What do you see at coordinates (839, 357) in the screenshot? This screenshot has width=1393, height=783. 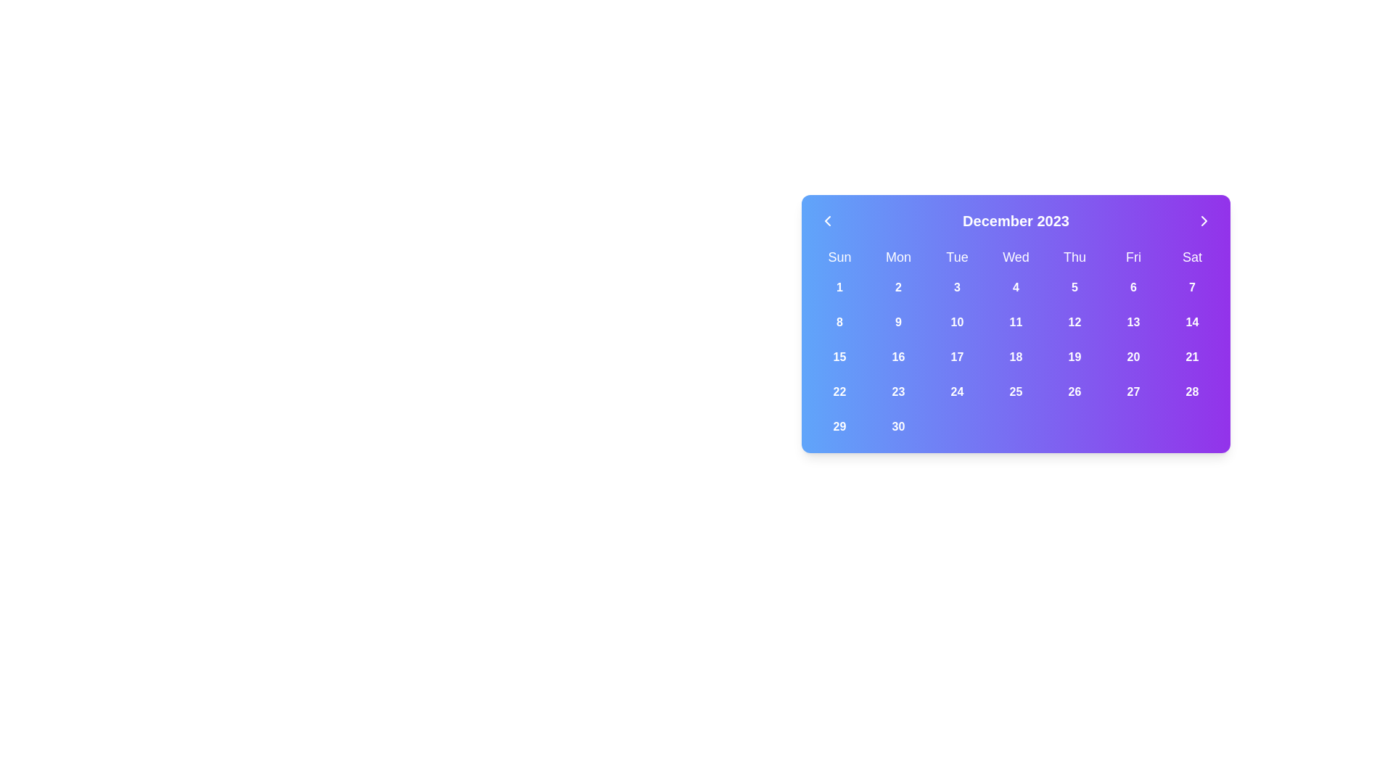 I see `the button representing the 15th day of December 2023 in the calendar interface` at bounding box center [839, 357].